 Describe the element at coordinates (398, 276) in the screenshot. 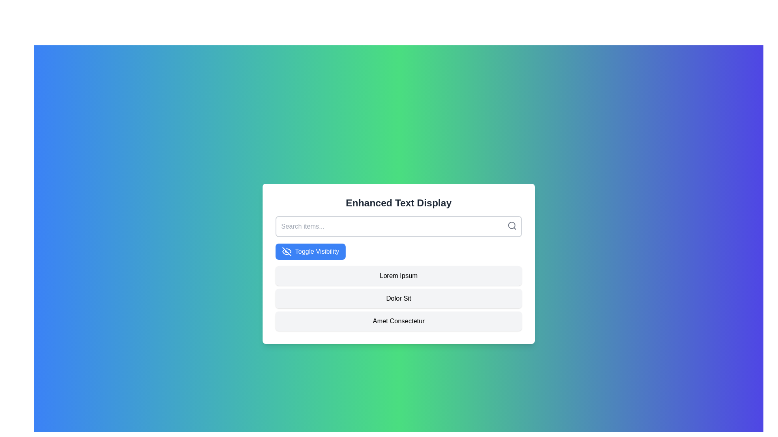

I see `the 'Lorem Ipsum' button, which is the first button in a vertical stack of three buttons` at that location.